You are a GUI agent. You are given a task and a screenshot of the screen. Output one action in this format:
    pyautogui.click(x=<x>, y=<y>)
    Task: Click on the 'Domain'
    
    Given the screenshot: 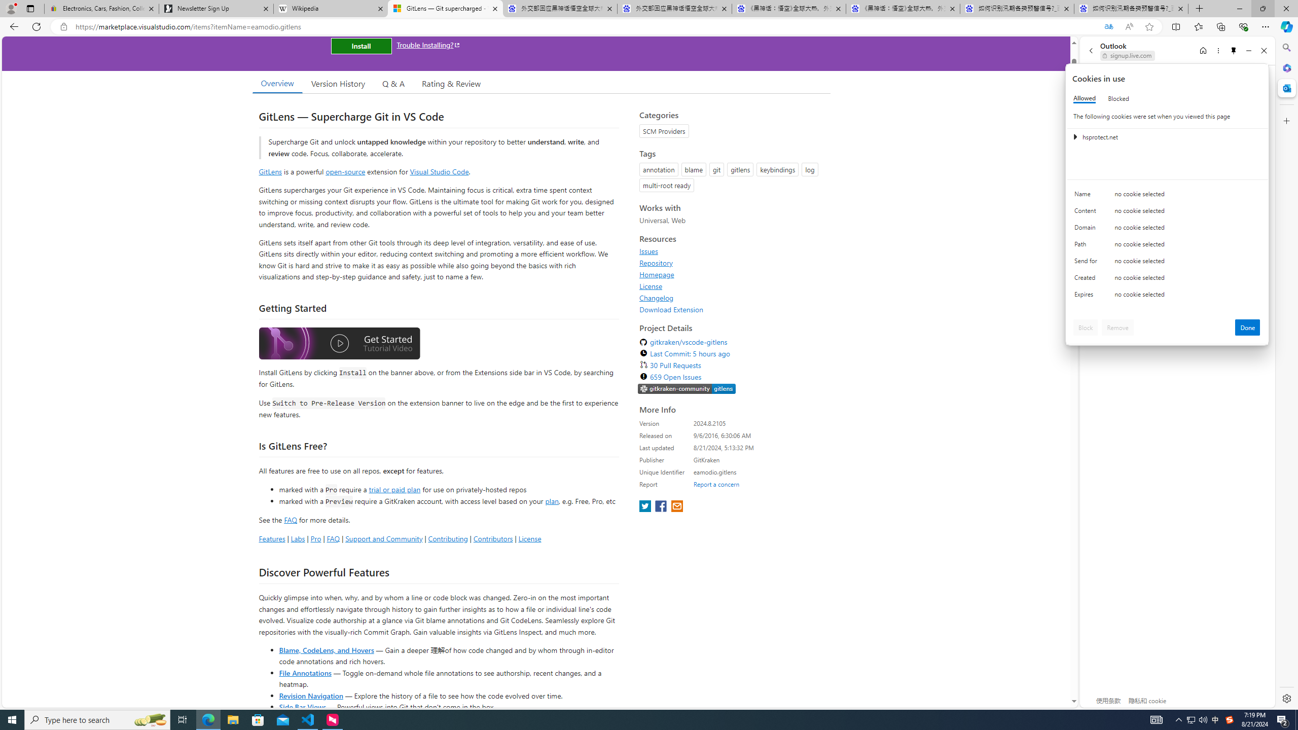 What is the action you would take?
    pyautogui.click(x=1087, y=229)
    